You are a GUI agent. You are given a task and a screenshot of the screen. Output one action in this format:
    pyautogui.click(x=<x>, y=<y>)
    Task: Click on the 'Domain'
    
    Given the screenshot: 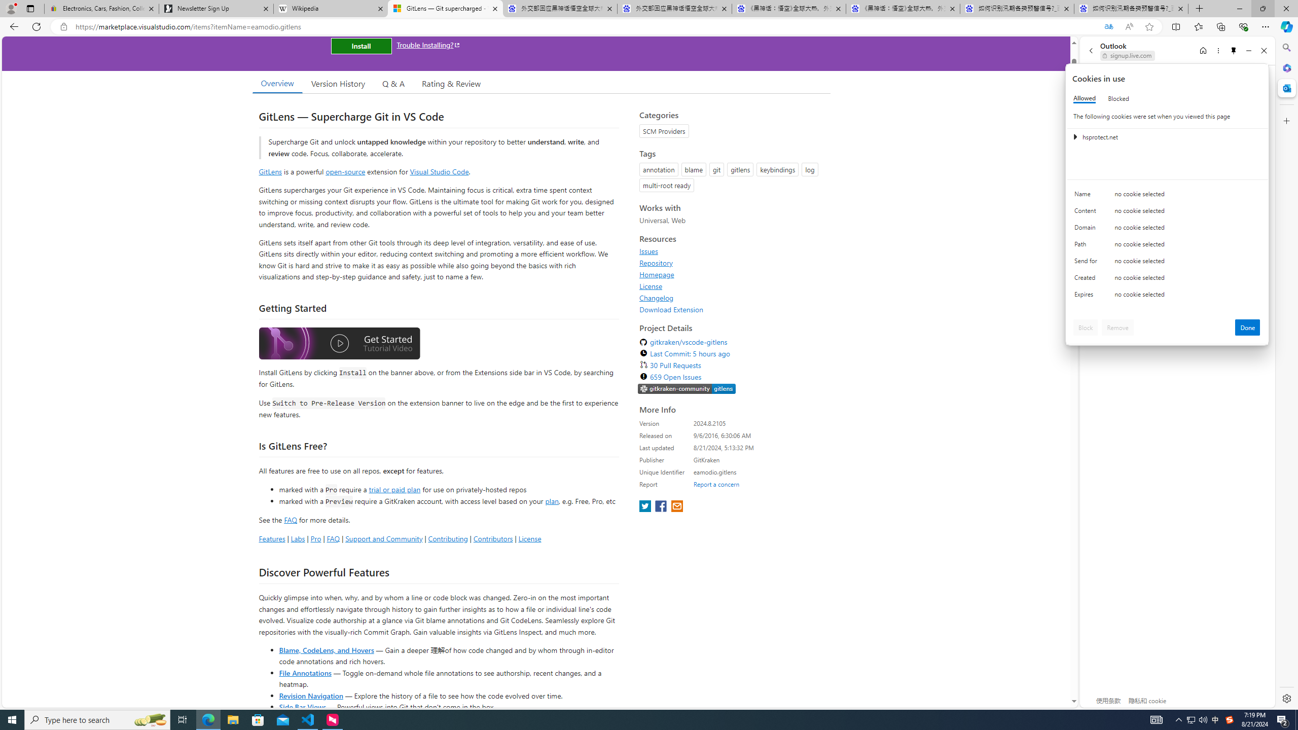 What is the action you would take?
    pyautogui.click(x=1087, y=229)
    